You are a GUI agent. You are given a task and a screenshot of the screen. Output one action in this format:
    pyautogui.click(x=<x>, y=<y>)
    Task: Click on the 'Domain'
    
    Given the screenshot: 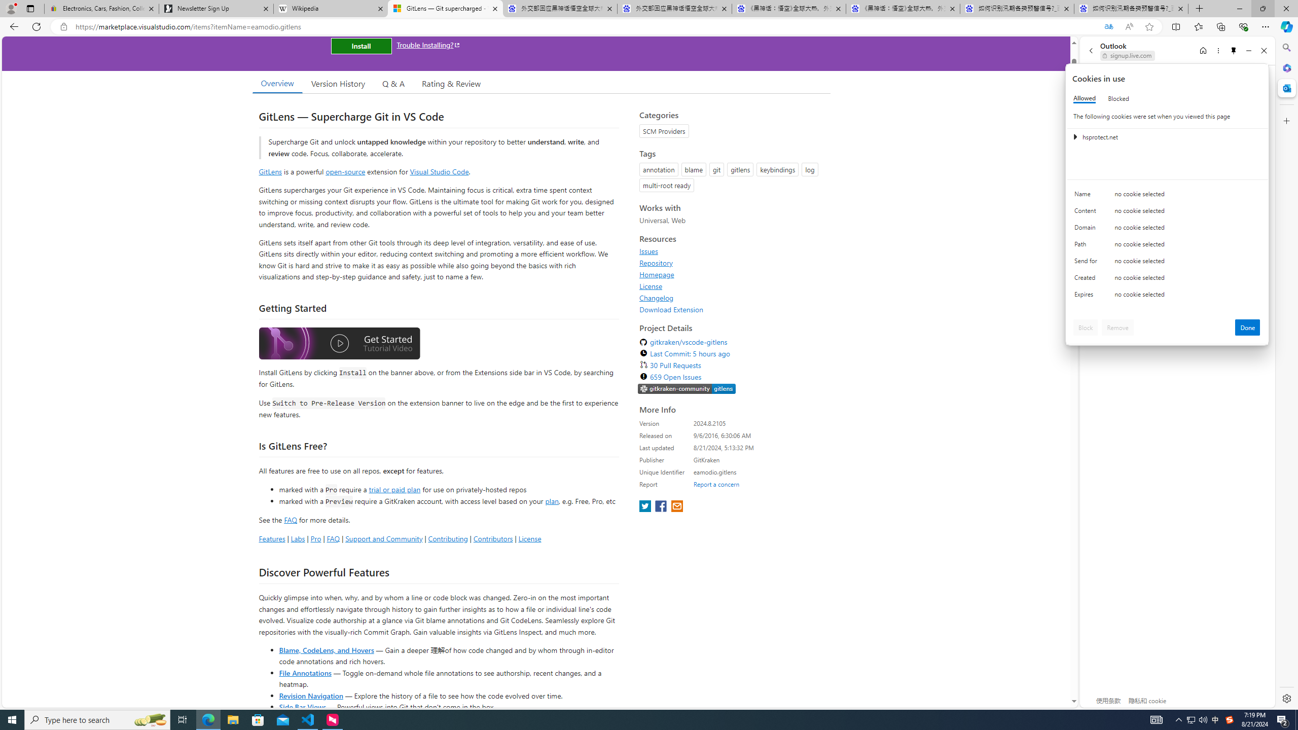 What is the action you would take?
    pyautogui.click(x=1087, y=229)
    